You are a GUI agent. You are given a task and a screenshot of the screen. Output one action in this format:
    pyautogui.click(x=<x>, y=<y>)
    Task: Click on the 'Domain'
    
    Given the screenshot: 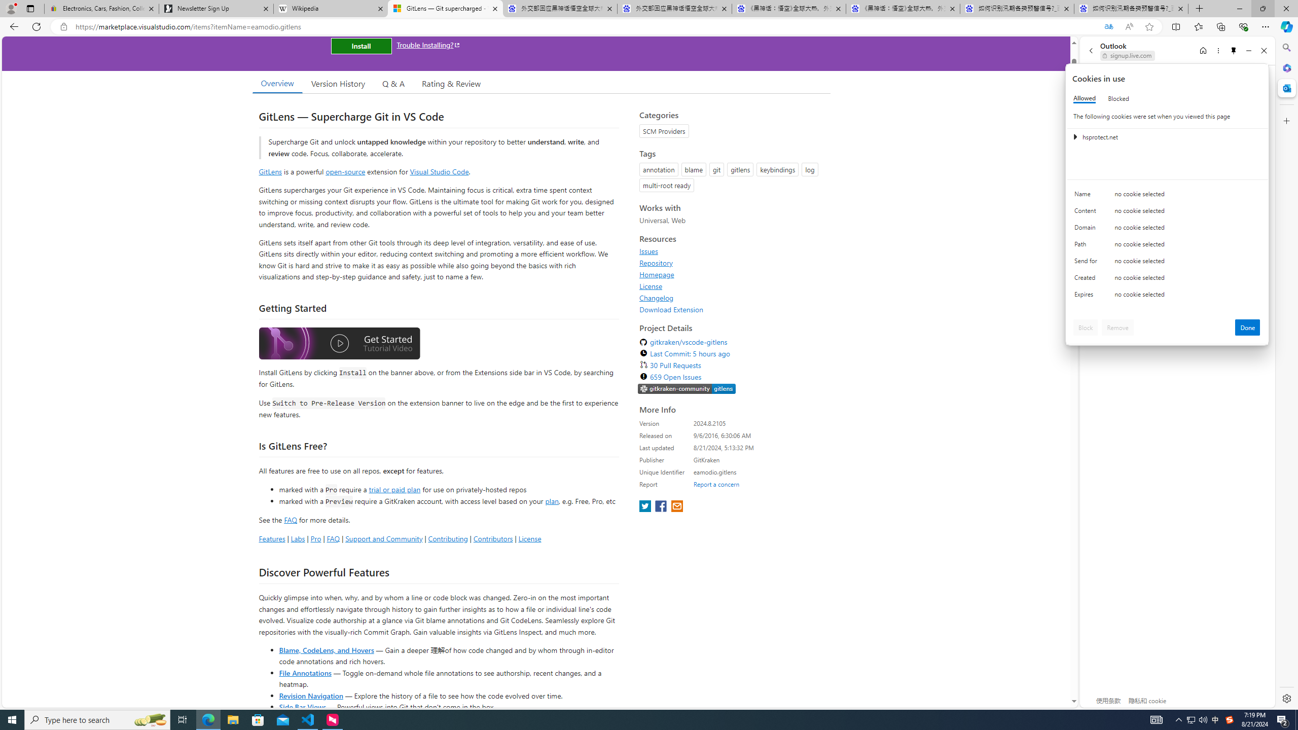 What is the action you would take?
    pyautogui.click(x=1087, y=229)
    